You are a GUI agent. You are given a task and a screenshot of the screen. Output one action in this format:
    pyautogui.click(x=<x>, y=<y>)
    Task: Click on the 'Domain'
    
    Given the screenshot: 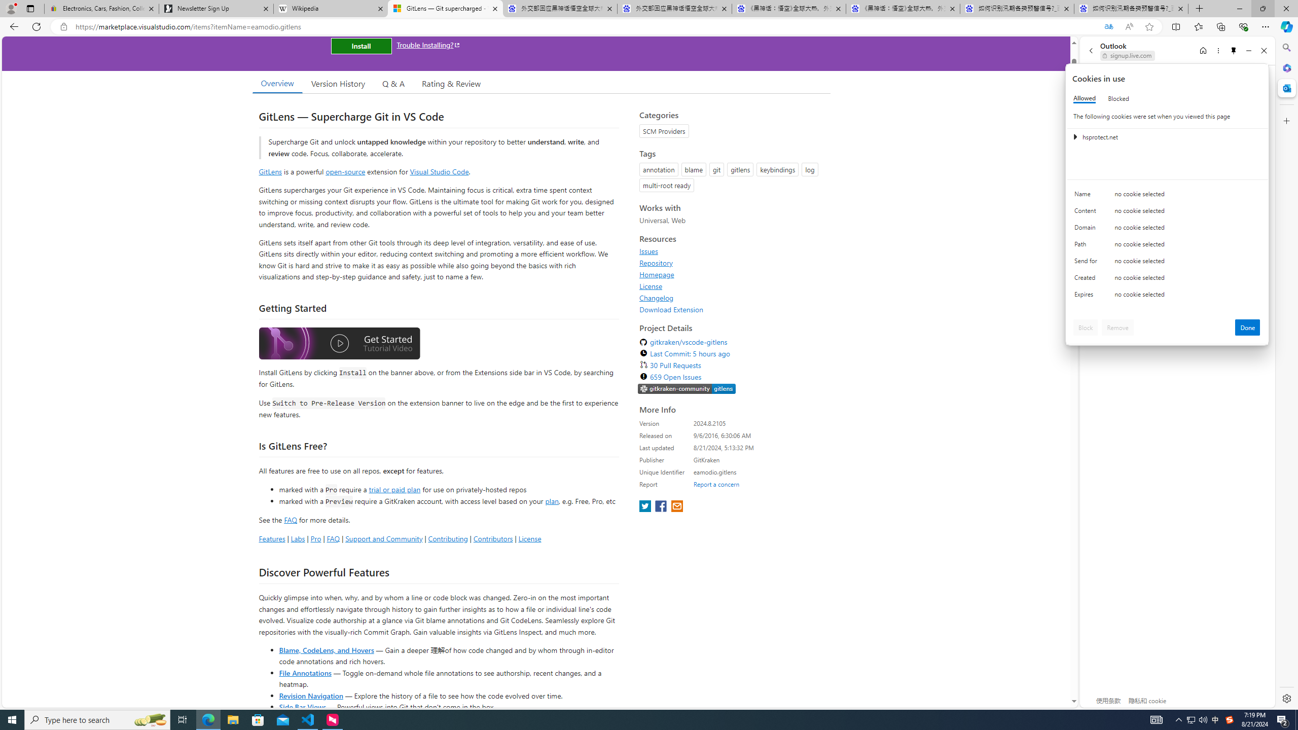 What is the action you would take?
    pyautogui.click(x=1087, y=229)
    